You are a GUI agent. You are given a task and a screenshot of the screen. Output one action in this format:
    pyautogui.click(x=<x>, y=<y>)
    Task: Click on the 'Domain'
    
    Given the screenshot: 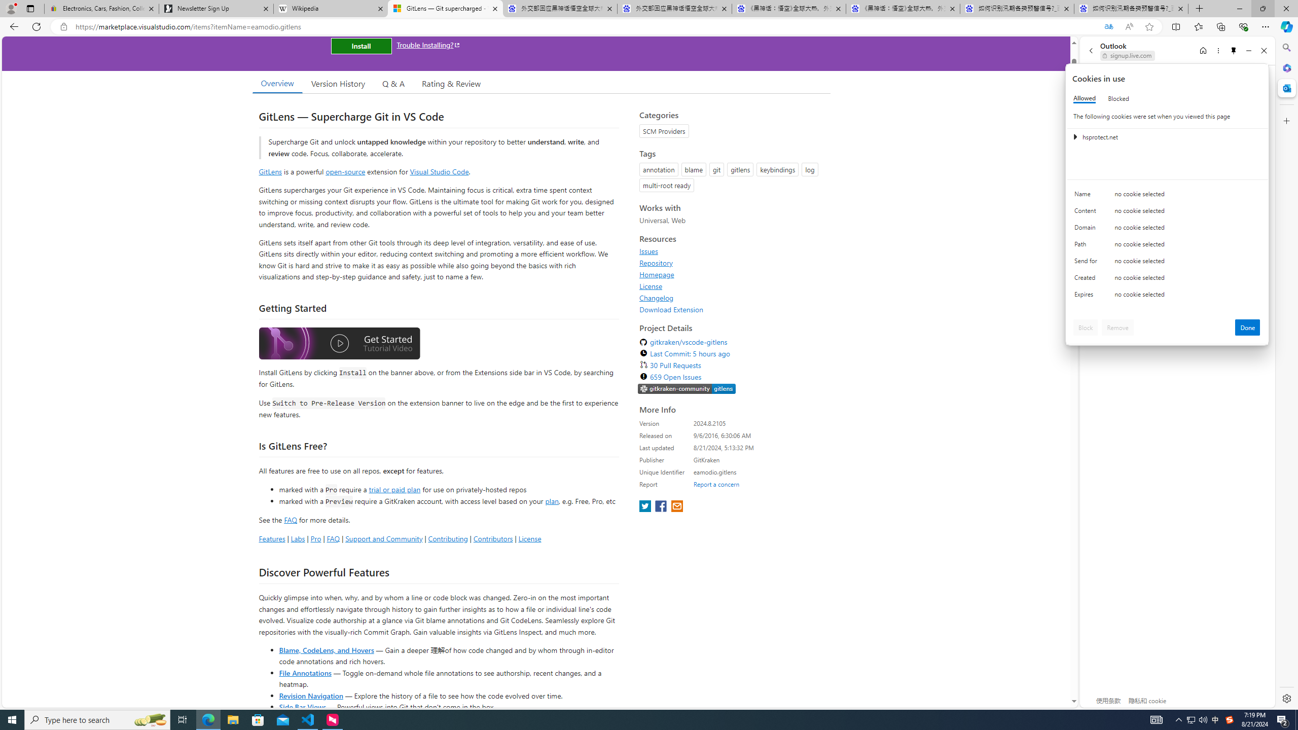 What is the action you would take?
    pyautogui.click(x=1087, y=229)
    